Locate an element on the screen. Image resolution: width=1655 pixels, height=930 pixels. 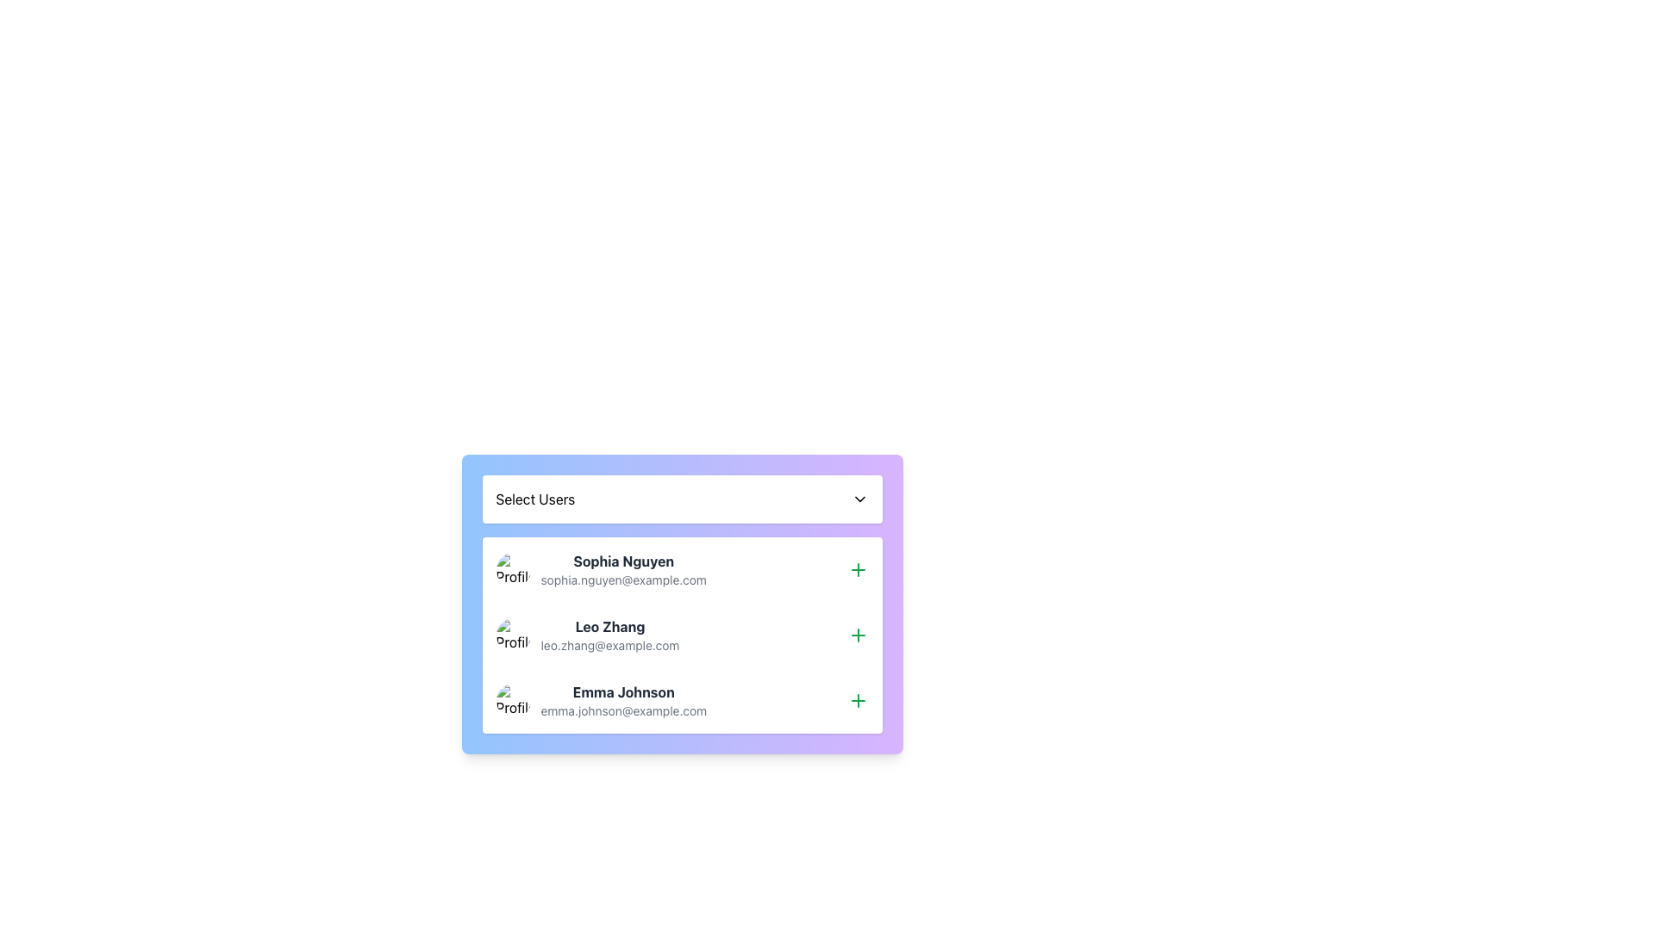
the first informational list item displaying 'Sophia Nguyen' and her email address is located at coordinates (601, 570).